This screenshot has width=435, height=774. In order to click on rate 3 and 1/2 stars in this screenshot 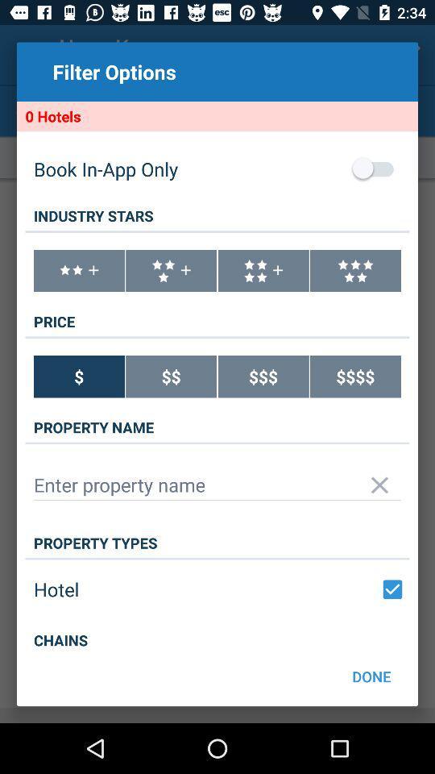, I will do `click(170, 271)`.